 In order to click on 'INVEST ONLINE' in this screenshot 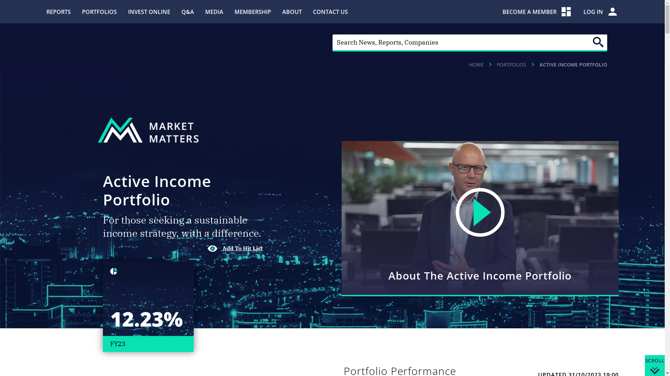, I will do `click(127, 11)`.